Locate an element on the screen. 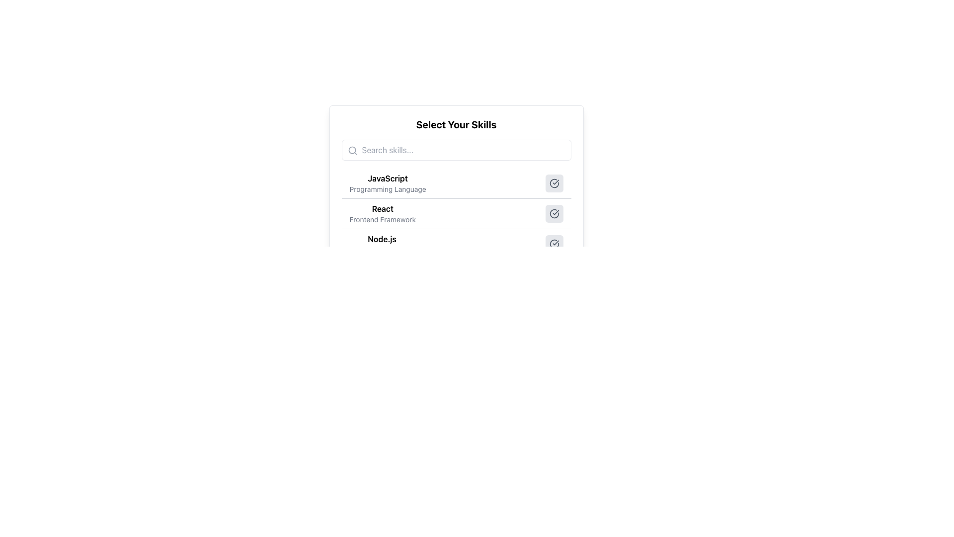  the 'Node.js' text label, which is displayed in bold and larger font size than 'Backend Framework', located as the first line of text in the third item of a vertically arranged list is located at coordinates (381, 239).